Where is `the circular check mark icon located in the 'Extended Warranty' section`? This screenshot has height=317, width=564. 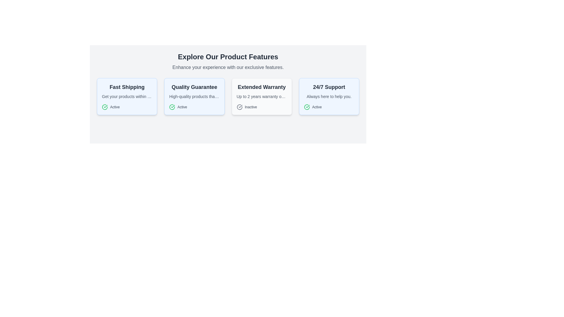 the circular check mark icon located in the 'Extended Warranty' section is located at coordinates (239, 107).